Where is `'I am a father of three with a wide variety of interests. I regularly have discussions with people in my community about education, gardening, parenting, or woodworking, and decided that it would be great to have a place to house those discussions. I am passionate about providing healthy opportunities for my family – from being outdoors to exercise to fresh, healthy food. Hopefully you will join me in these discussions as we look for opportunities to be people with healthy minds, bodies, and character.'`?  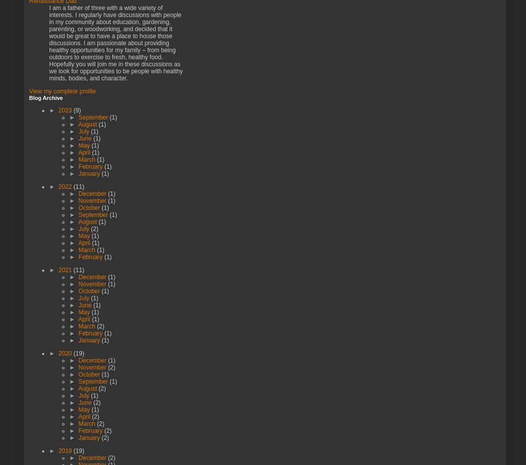
'I am a father of three with a wide variety of interests. I regularly have discussions with people in my community about education, gardening, parenting, or woodworking, and decided that it would be great to have a place to house those discussions. I am passionate about providing healthy opportunities for my family – from being outdoors to exercise to fresh, healthy food. Hopefully you will join me in these discussions as we look for opportunities to be people with healthy minds, bodies, and character.' is located at coordinates (115, 43).